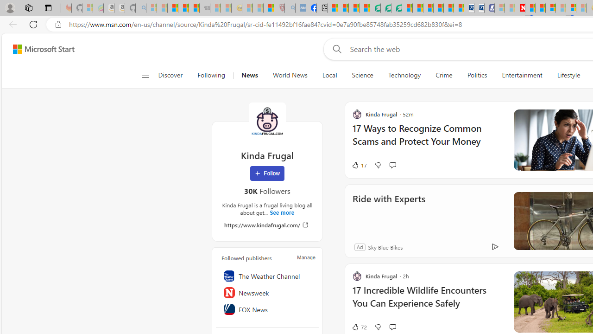 The width and height of the screenshot is (593, 334). What do you see at coordinates (499, 8) in the screenshot?
I see `'Microsoft account | Privacy - Sleeping'` at bounding box center [499, 8].